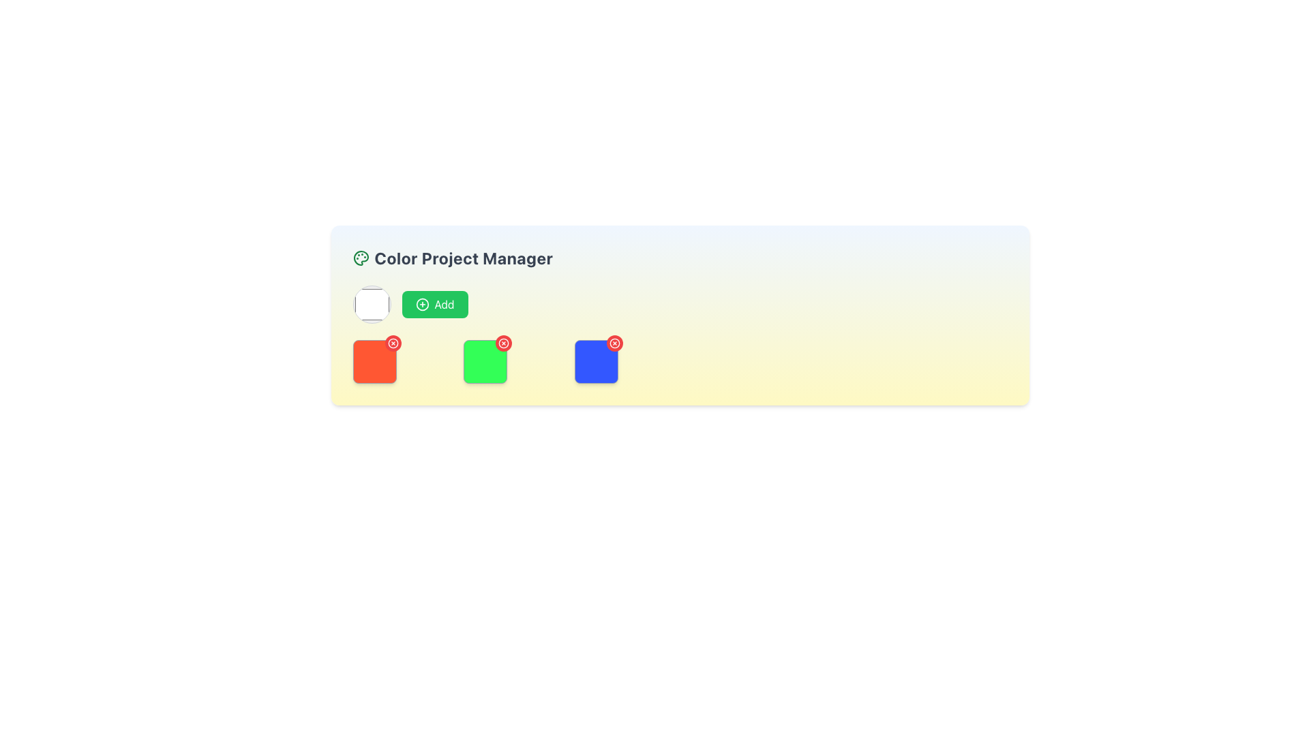 The width and height of the screenshot is (1309, 736). I want to click on the SVG Circle element that is part of an 'X' mark icon, indicating a close or delete action adjacent to a colored square button, so click(392, 343).